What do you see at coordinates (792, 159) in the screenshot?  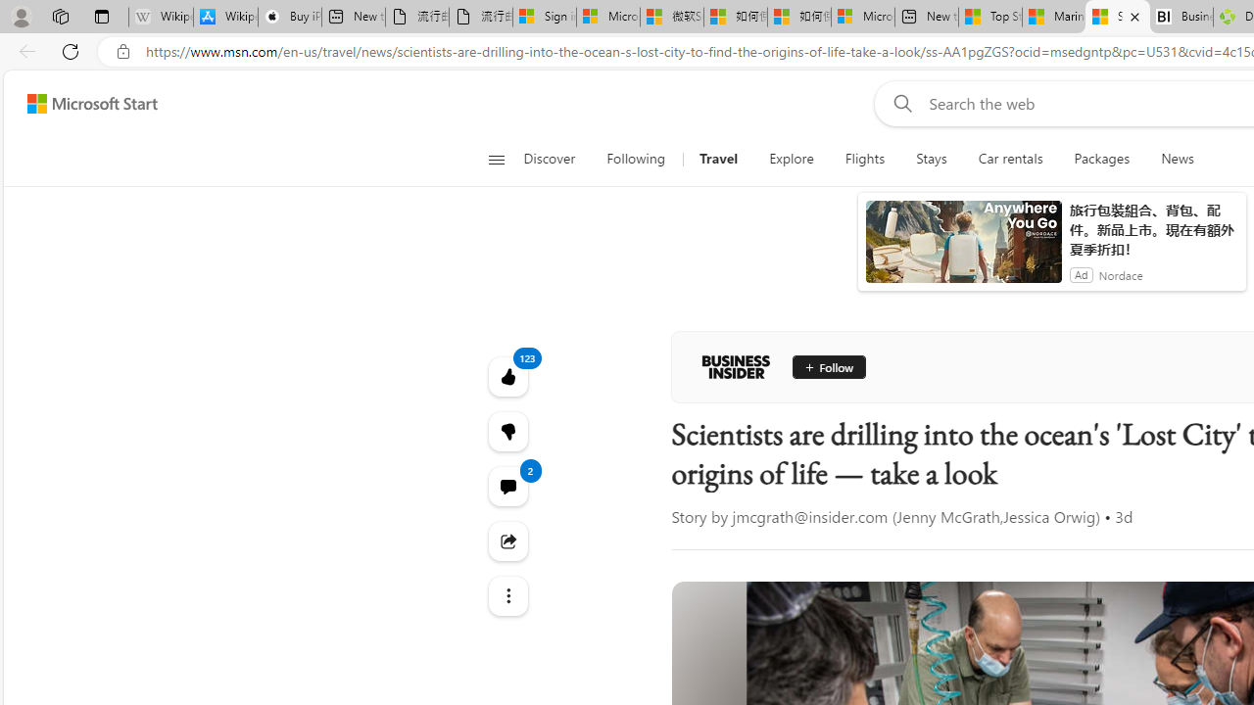 I see `'Explore'` at bounding box center [792, 159].